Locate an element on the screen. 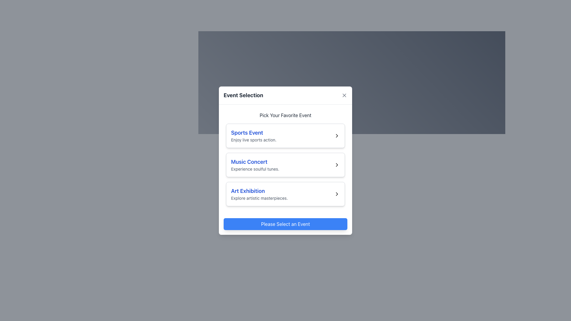 This screenshot has width=571, height=321. the blue button labeled 'Please Select an Event' at the bottom of the modal is located at coordinates (285, 224).